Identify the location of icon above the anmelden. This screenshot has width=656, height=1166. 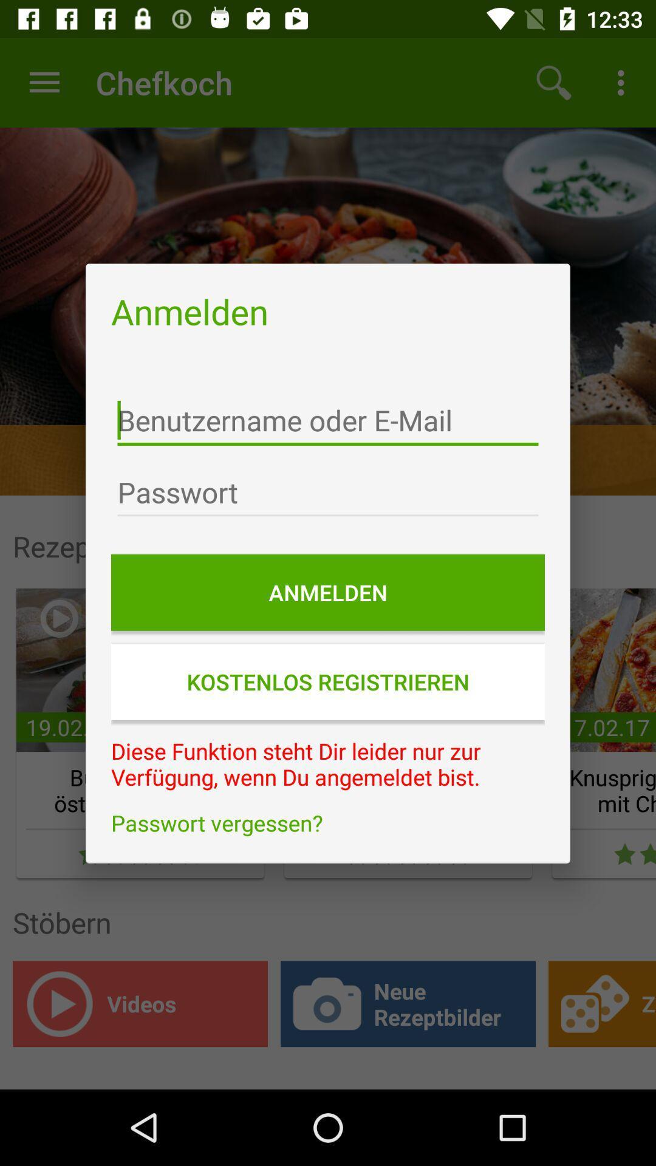
(328, 493).